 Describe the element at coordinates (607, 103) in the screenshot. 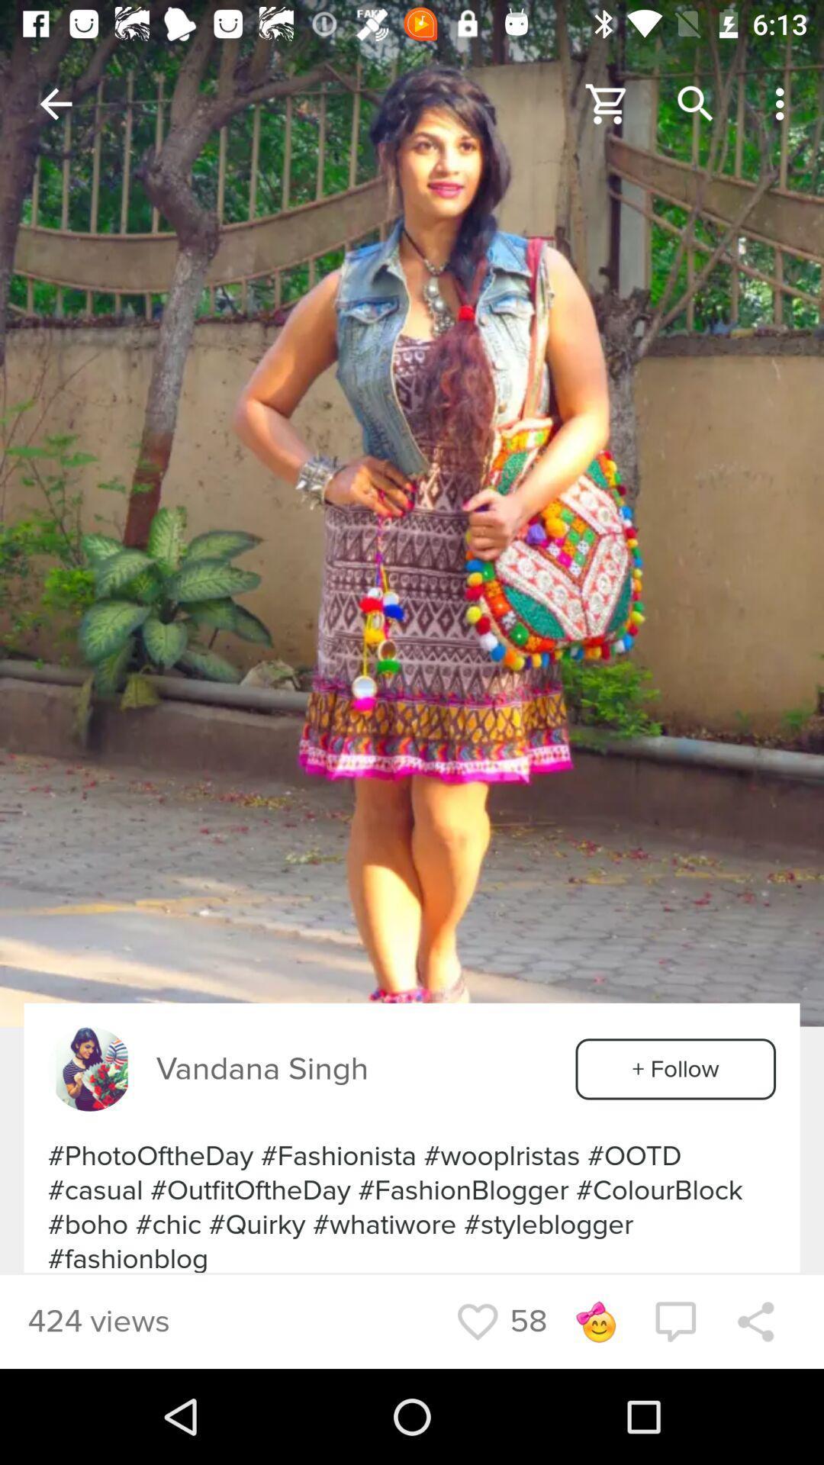

I see `to card` at that location.